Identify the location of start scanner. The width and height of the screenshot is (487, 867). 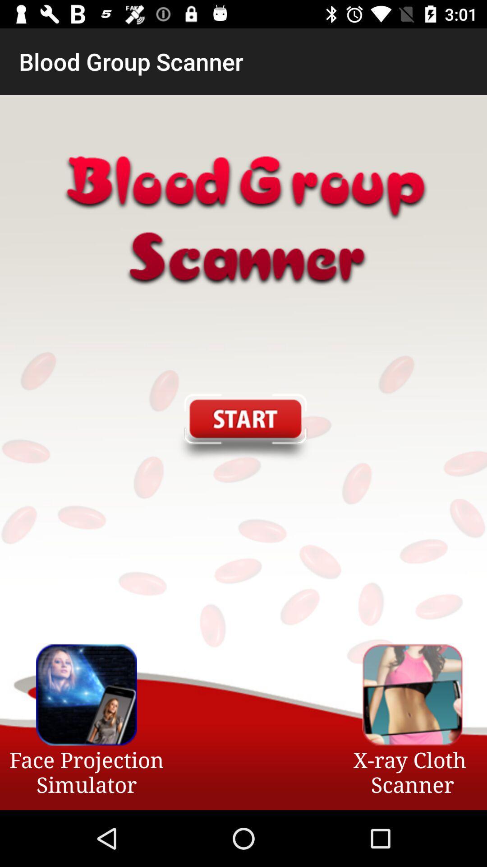
(243, 428).